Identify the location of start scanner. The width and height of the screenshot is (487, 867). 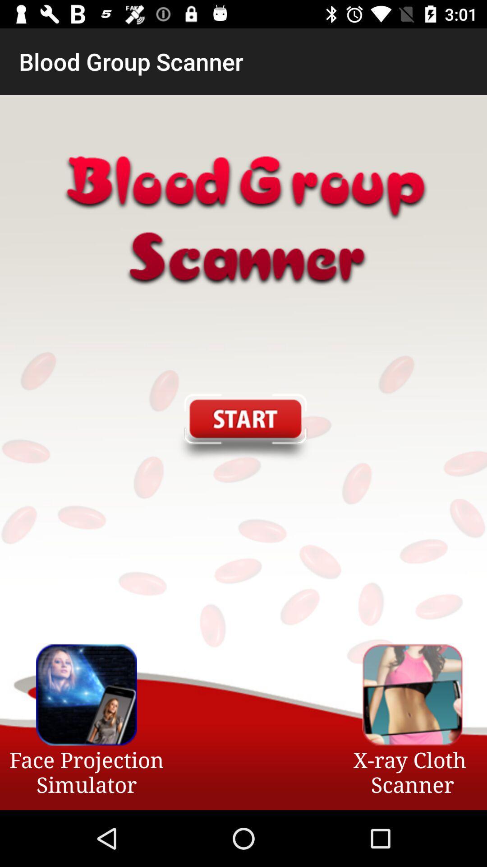
(243, 428).